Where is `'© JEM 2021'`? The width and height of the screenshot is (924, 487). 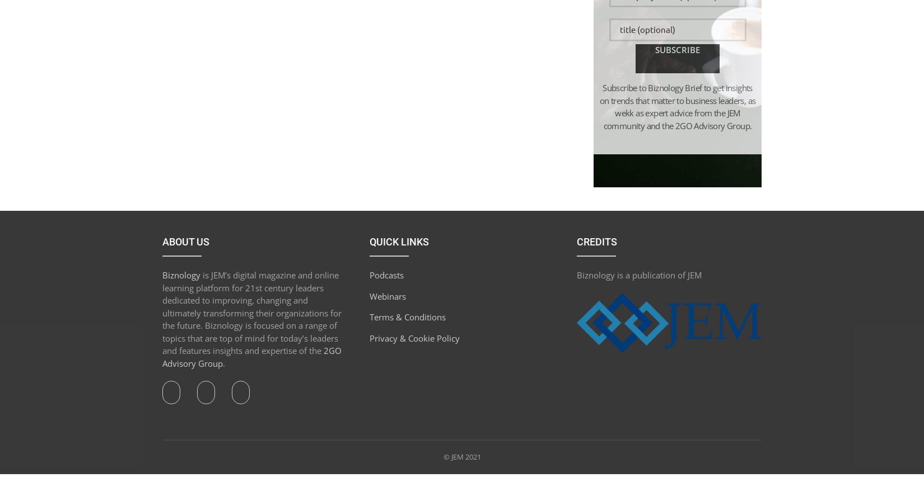 '© JEM 2021' is located at coordinates (461, 456).